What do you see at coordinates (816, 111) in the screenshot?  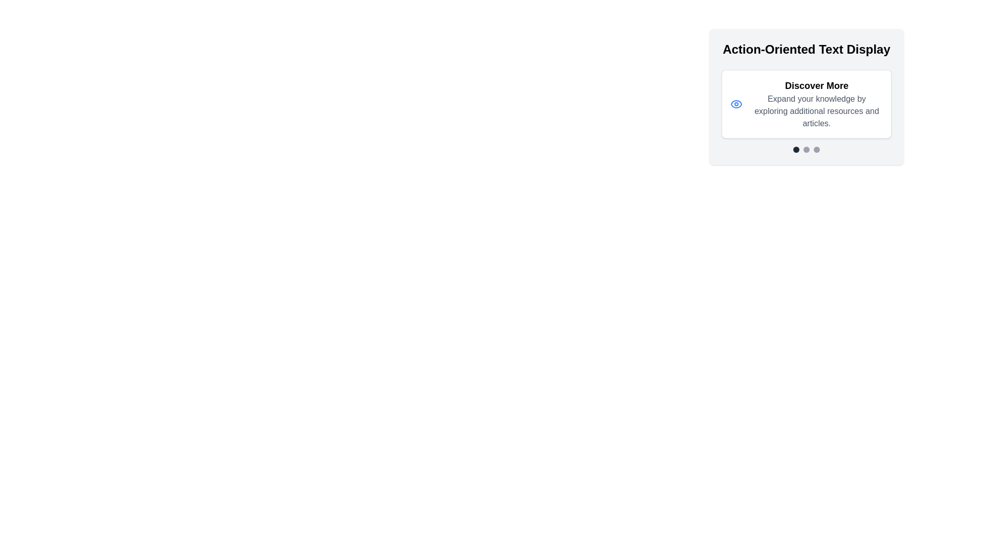 I see `the text element stating 'Expand your knowledge by exploring additional resources and articles.' which is located below the 'Discover More' heading in the card module for accessibility purposes` at bounding box center [816, 111].